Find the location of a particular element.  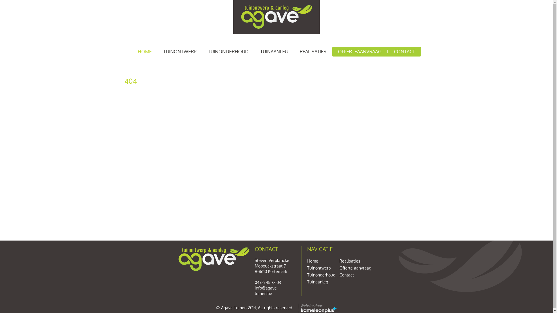

'Tuinontwerp' is located at coordinates (318, 268).